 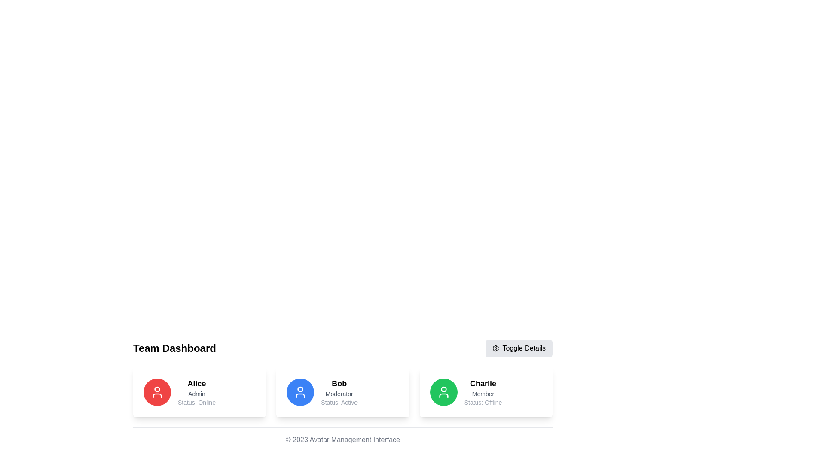 What do you see at coordinates (518, 348) in the screenshot?
I see `the button that toggles the visibility of additional content related to the 'Team Dashboard'` at bounding box center [518, 348].